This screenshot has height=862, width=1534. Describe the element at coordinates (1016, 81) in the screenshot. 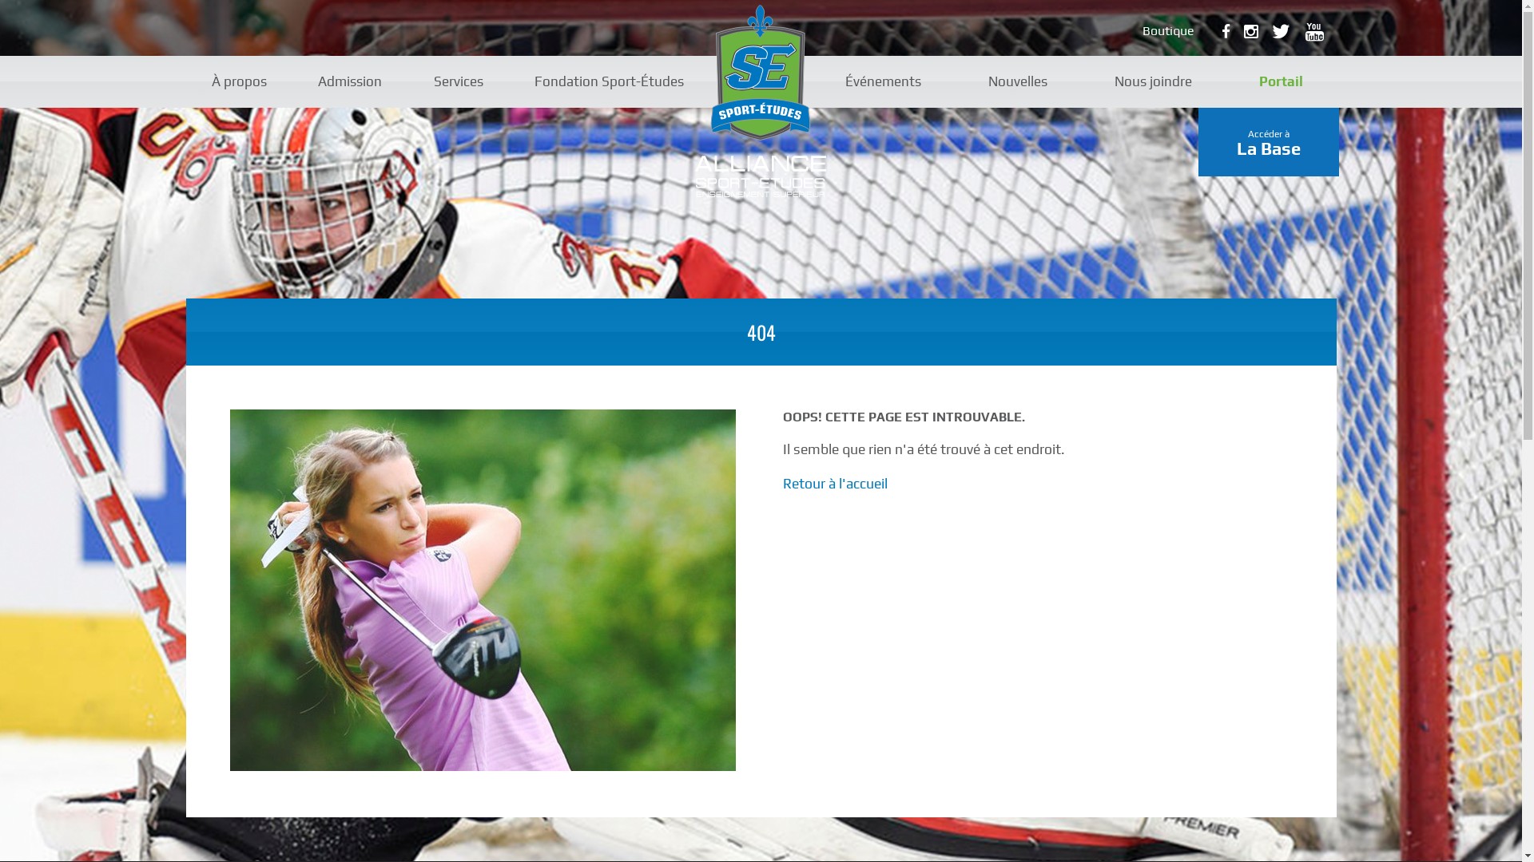

I see `'Nouvelles'` at that location.